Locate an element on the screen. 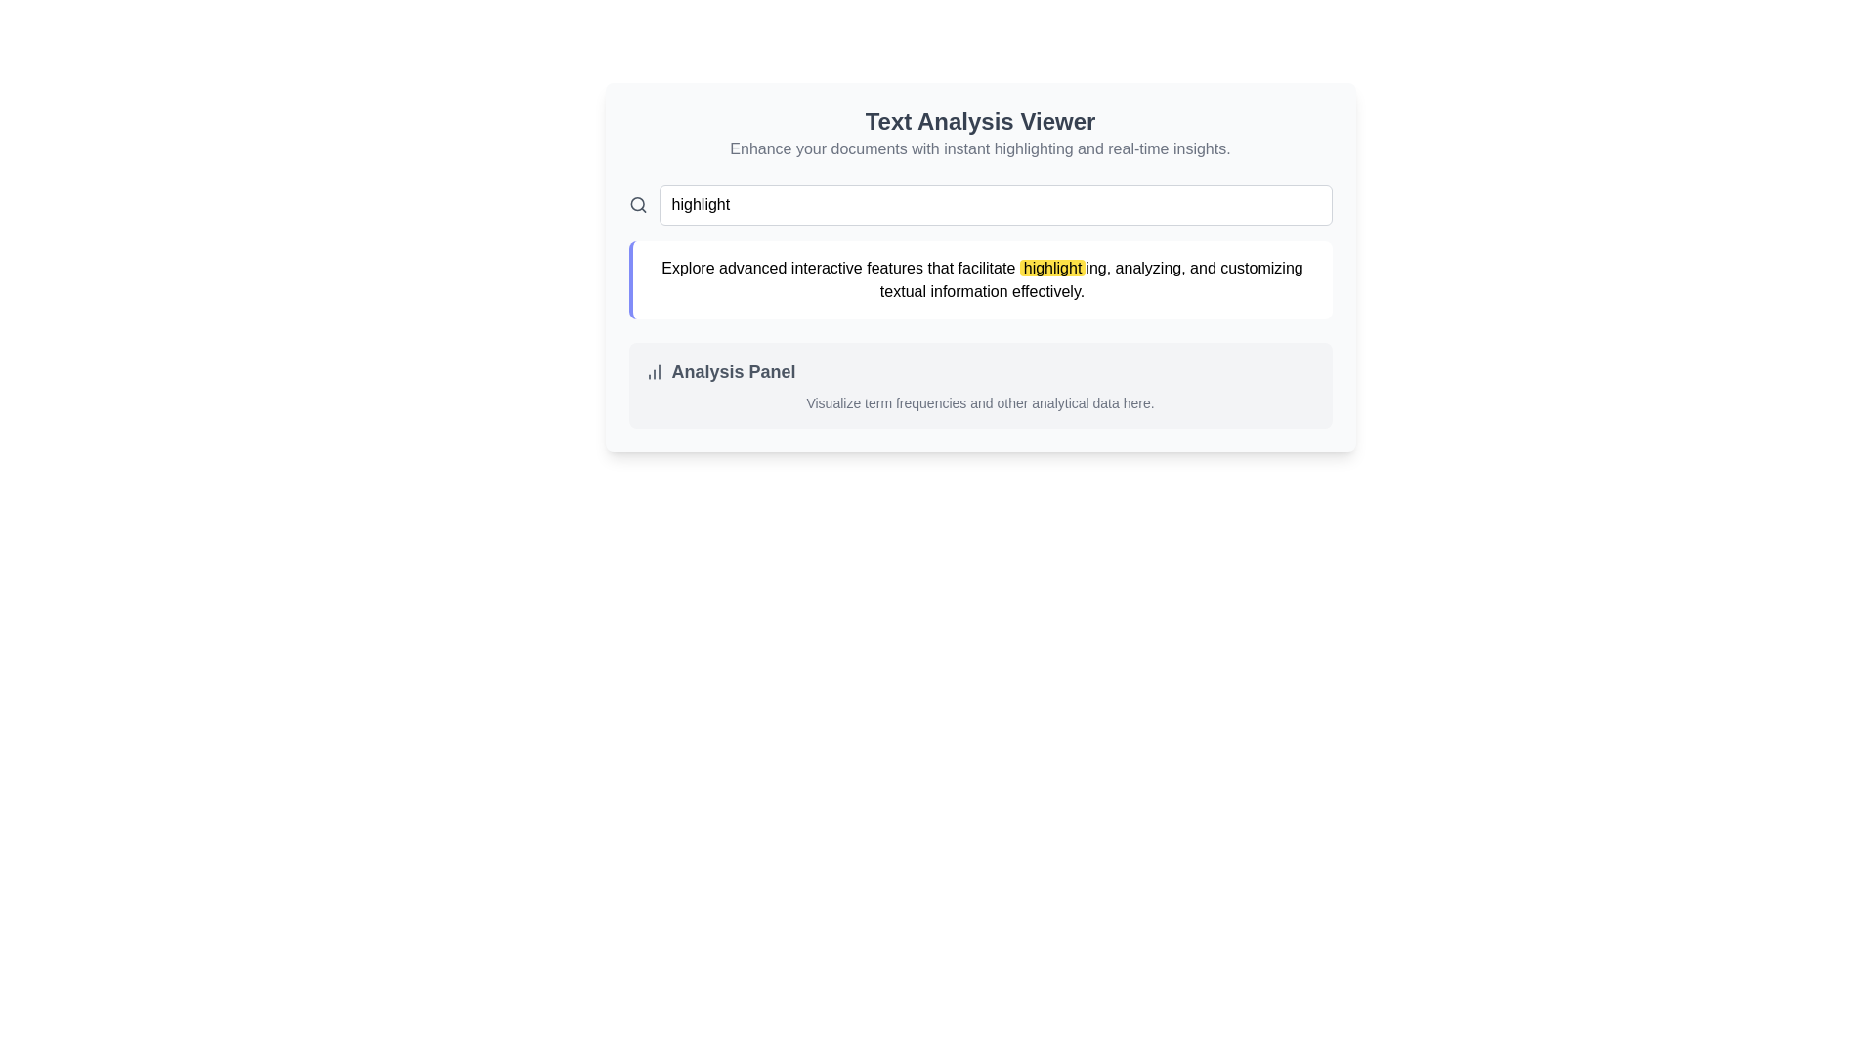  the Header text that serves as the primary title for the page, indicating the main functionality of the text analysis interface is located at coordinates (980, 121).